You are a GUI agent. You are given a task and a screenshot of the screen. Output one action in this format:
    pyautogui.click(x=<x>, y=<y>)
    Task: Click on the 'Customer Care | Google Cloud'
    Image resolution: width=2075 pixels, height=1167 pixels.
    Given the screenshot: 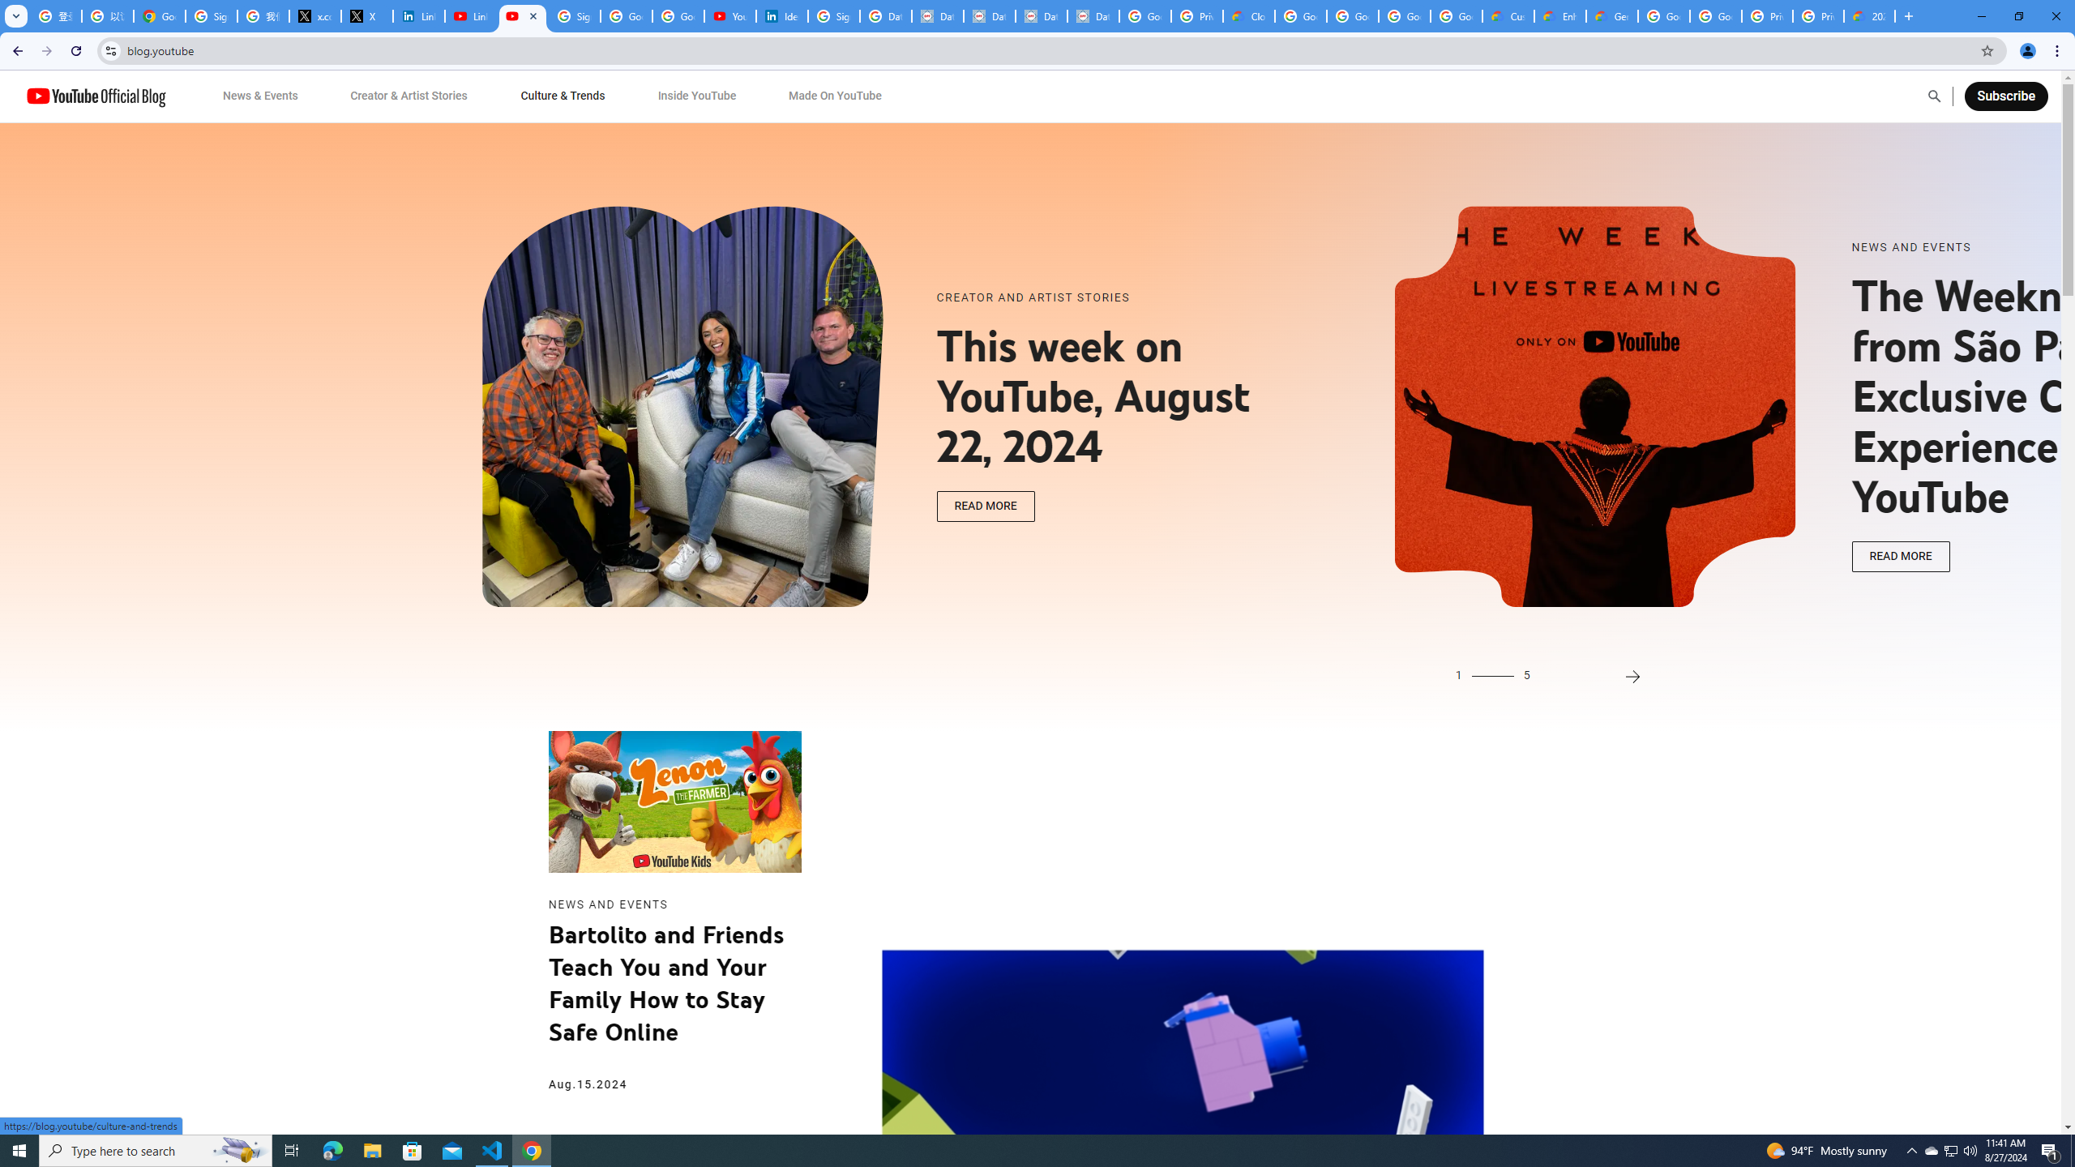 What is the action you would take?
    pyautogui.click(x=1508, y=15)
    